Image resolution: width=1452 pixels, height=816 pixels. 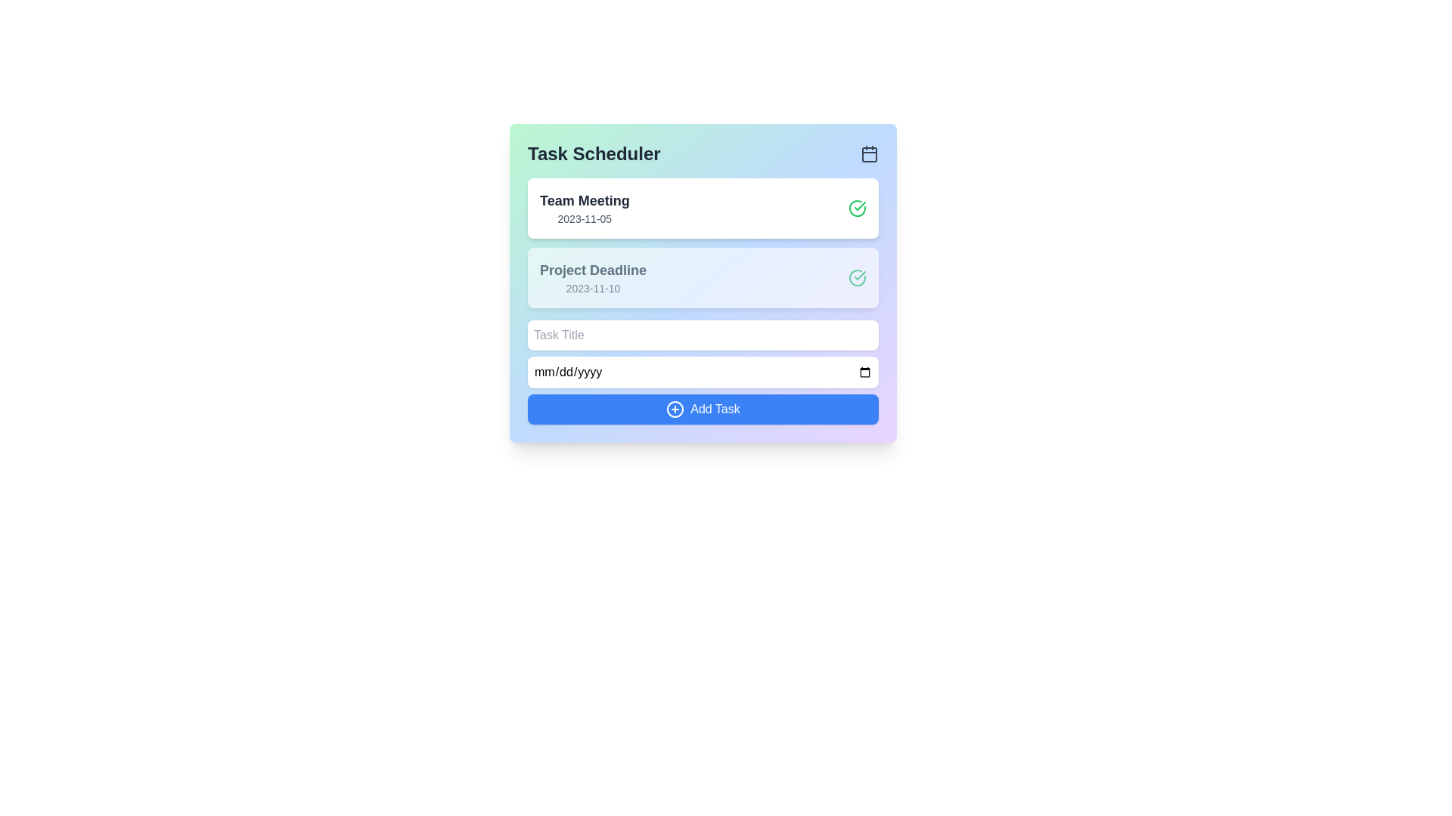 I want to click on the central circular component of the 'plus' icon within the 'Add Task' button located in the bottom right of the interface, so click(x=675, y=410).